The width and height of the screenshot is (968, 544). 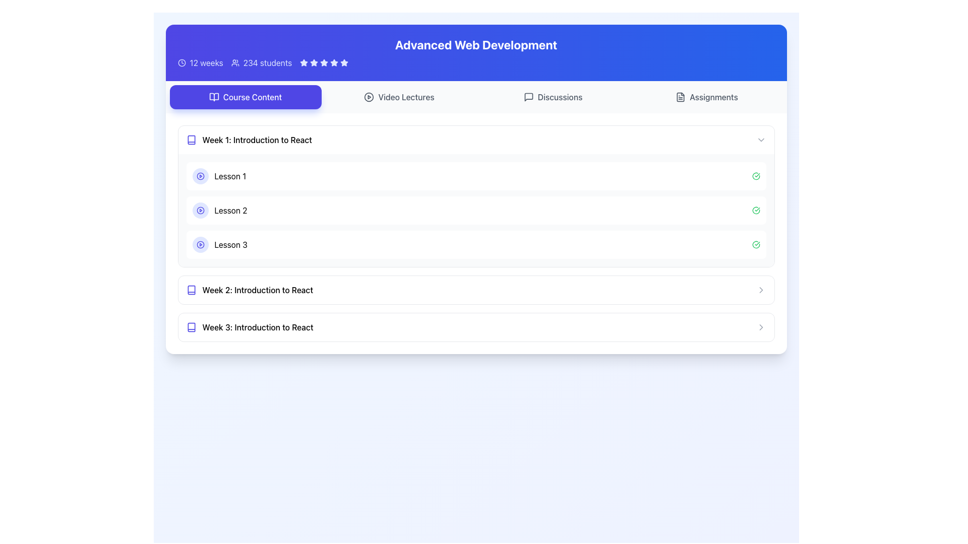 What do you see at coordinates (304, 62) in the screenshot?
I see `the second star icon in the star rating system` at bounding box center [304, 62].